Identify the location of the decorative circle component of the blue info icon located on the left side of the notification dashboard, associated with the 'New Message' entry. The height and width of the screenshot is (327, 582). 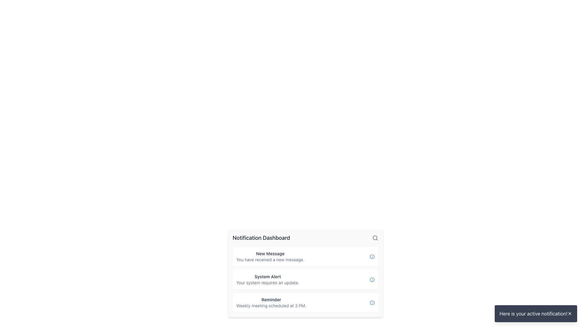
(372, 257).